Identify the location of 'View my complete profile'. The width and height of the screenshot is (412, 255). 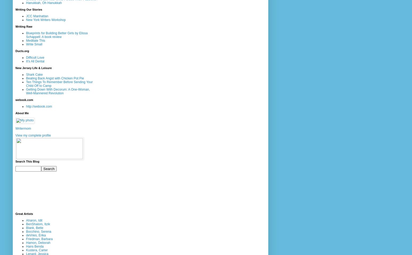
(33, 135).